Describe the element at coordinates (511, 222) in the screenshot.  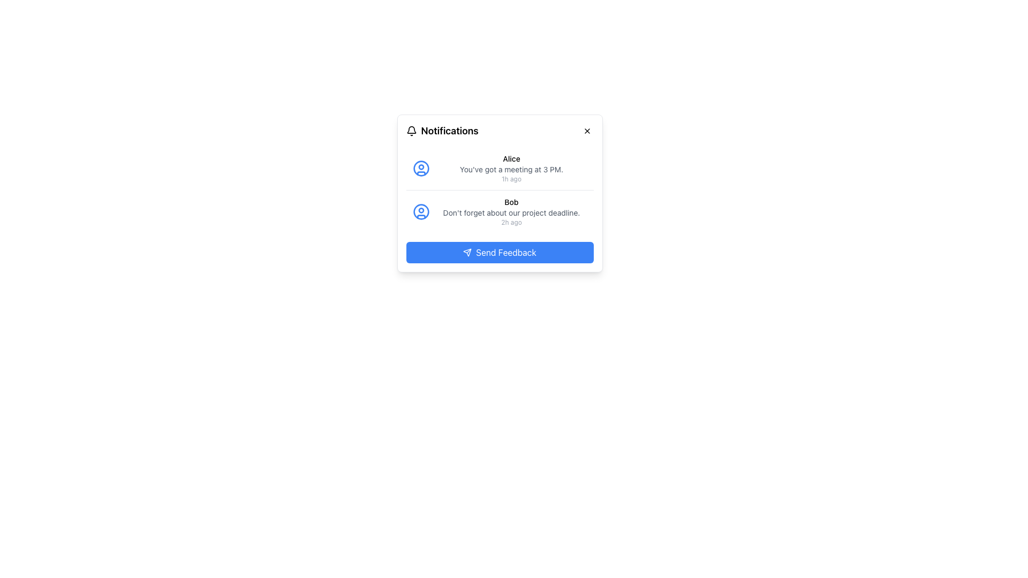
I see `the timestamp text label reading '2h ago' located within the notification card for 'Bob', positioned below the message about the project deadline` at that location.